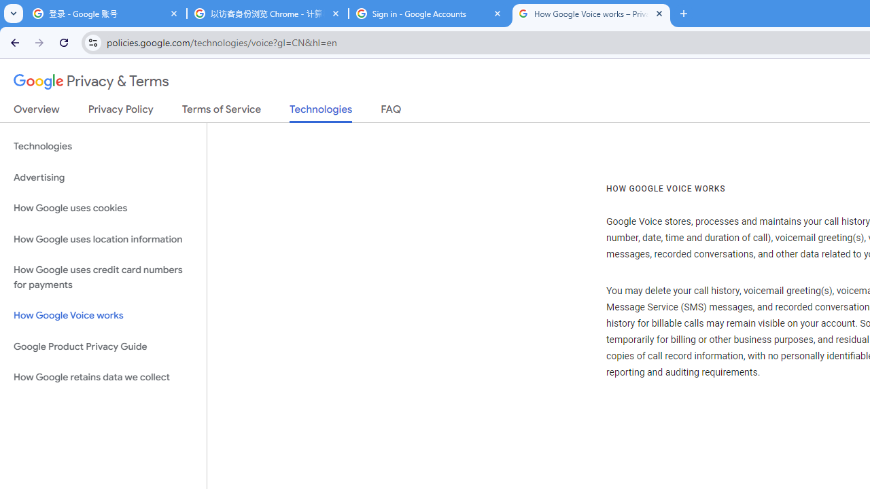 Image resolution: width=870 pixels, height=489 pixels. Describe the element at coordinates (103, 377) in the screenshot. I see `'How Google retains data we collect'` at that location.